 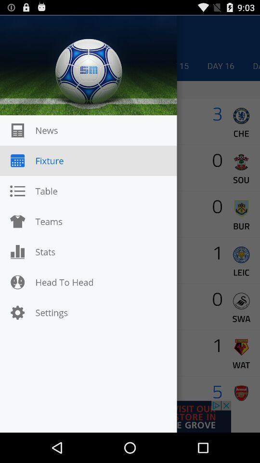 I want to click on the settings symbol which is  below head to head symbol, so click(x=17, y=312).